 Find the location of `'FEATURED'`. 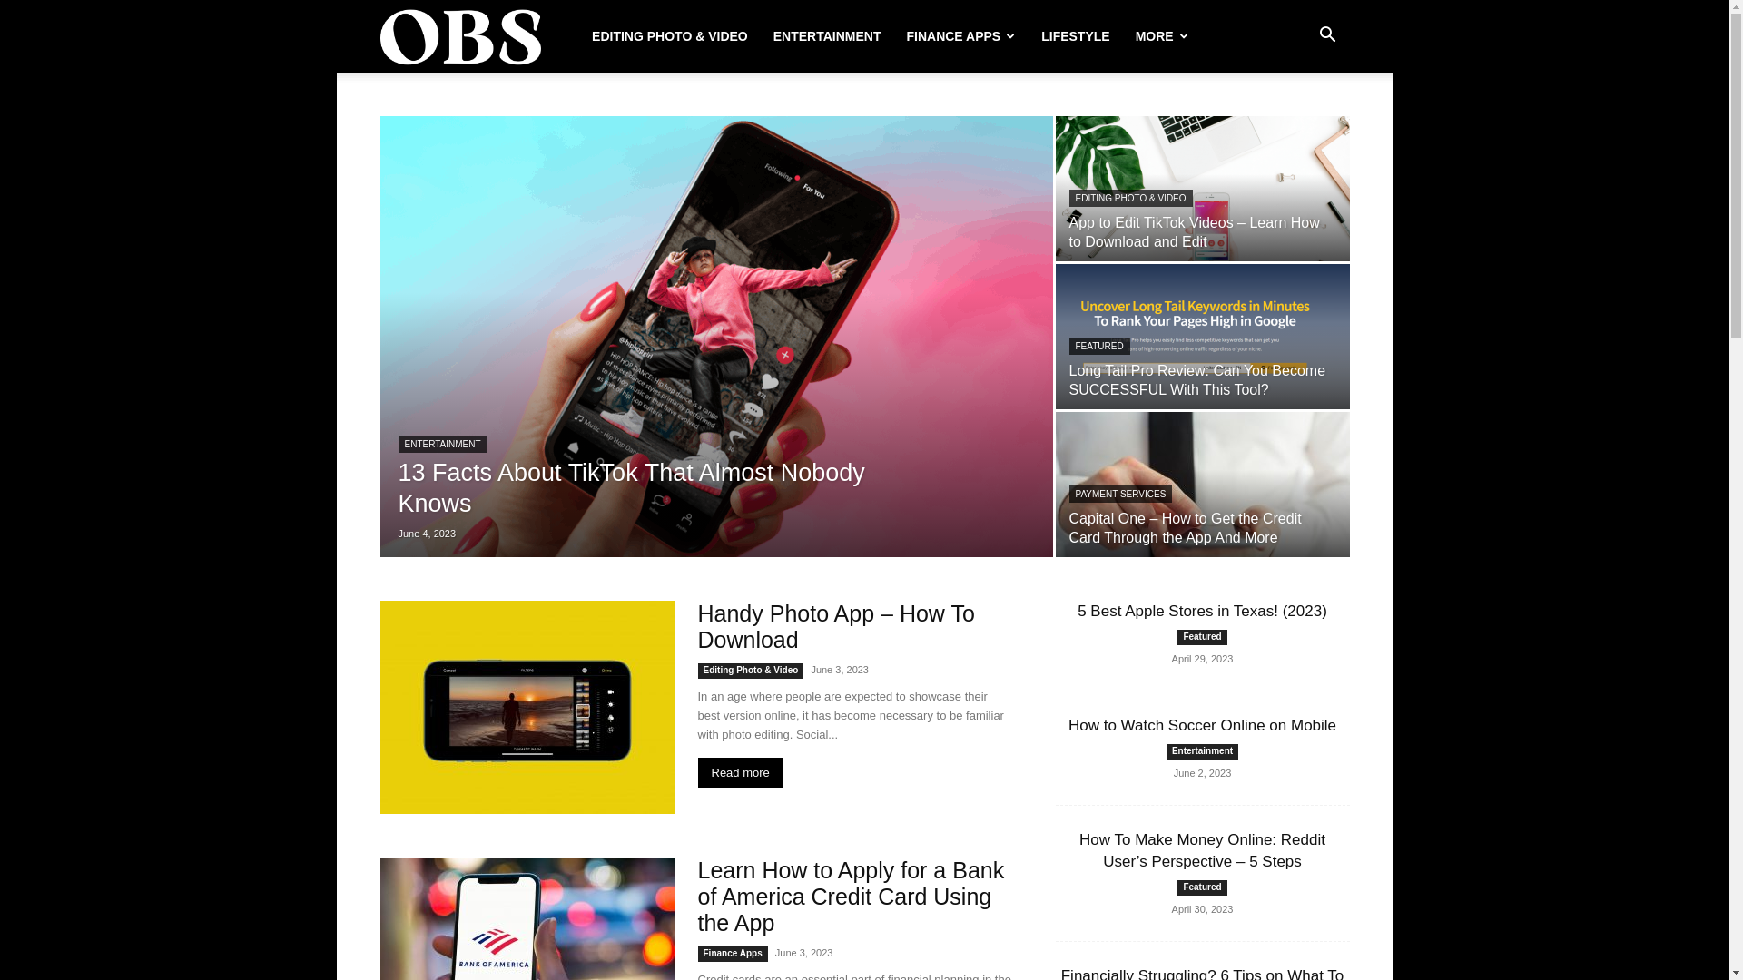

'FEATURED' is located at coordinates (1098, 346).